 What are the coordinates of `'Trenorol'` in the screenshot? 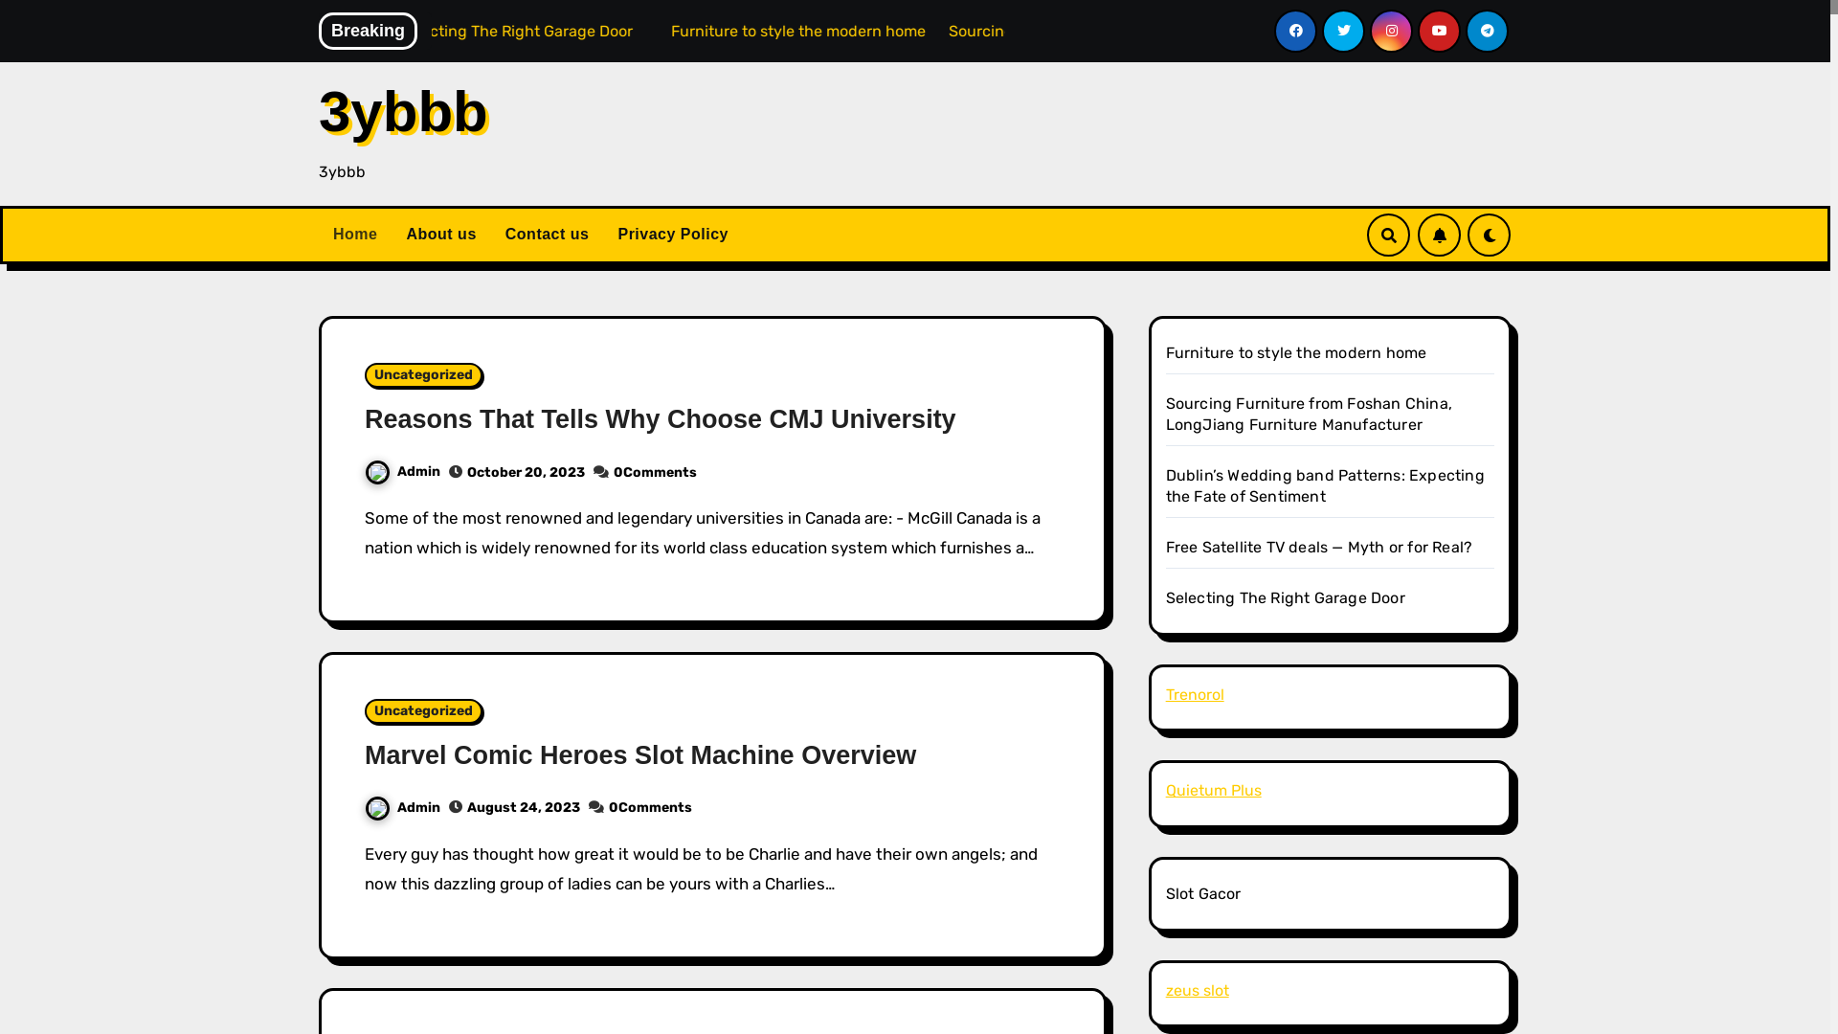 It's located at (1194, 694).